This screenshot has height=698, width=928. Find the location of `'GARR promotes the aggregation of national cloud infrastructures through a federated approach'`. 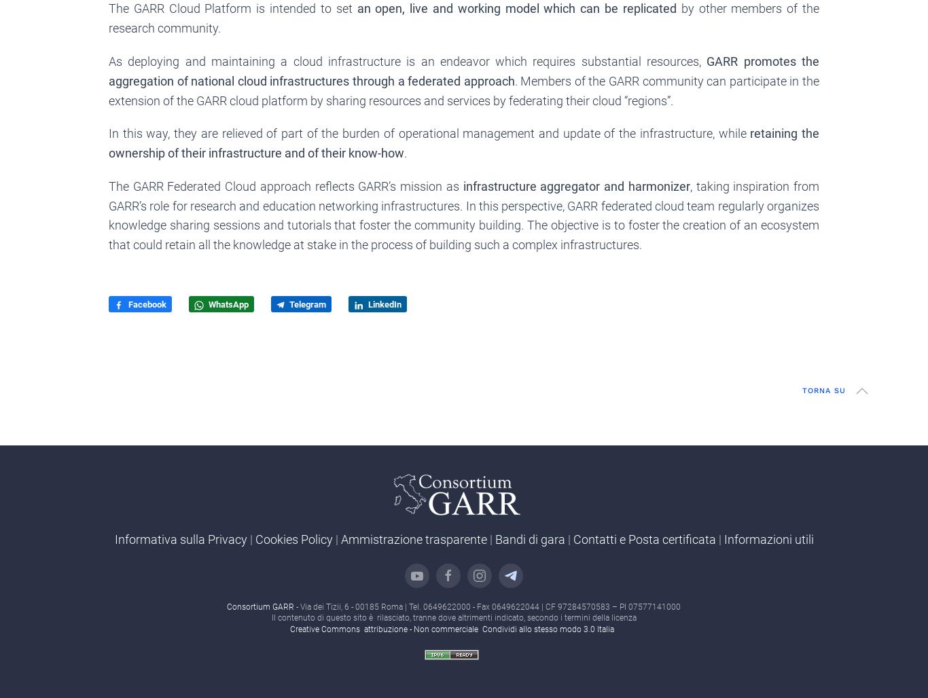

'GARR promotes the aggregation of national cloud infrastructures through a federated approach' is located at coordinates (464, 70).